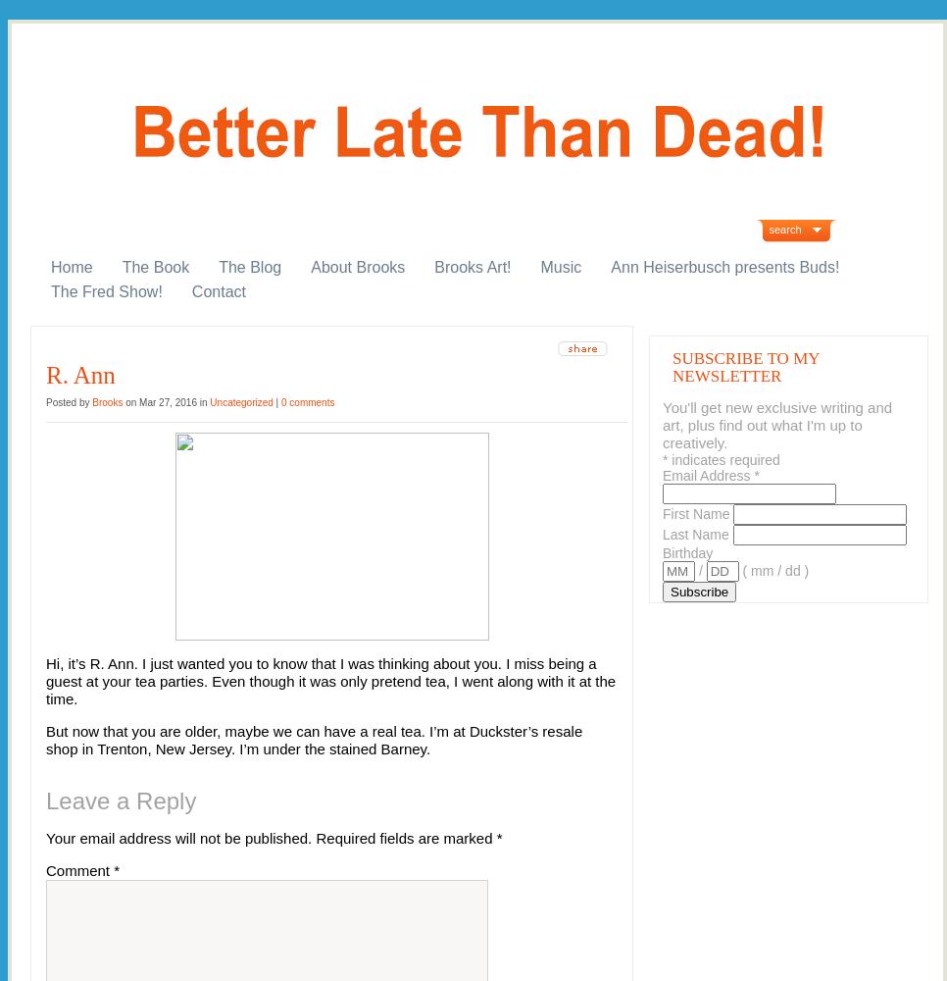  Describe the element at coordinates (78, 870) in the screenshot. I see `'Comment'` at that location.